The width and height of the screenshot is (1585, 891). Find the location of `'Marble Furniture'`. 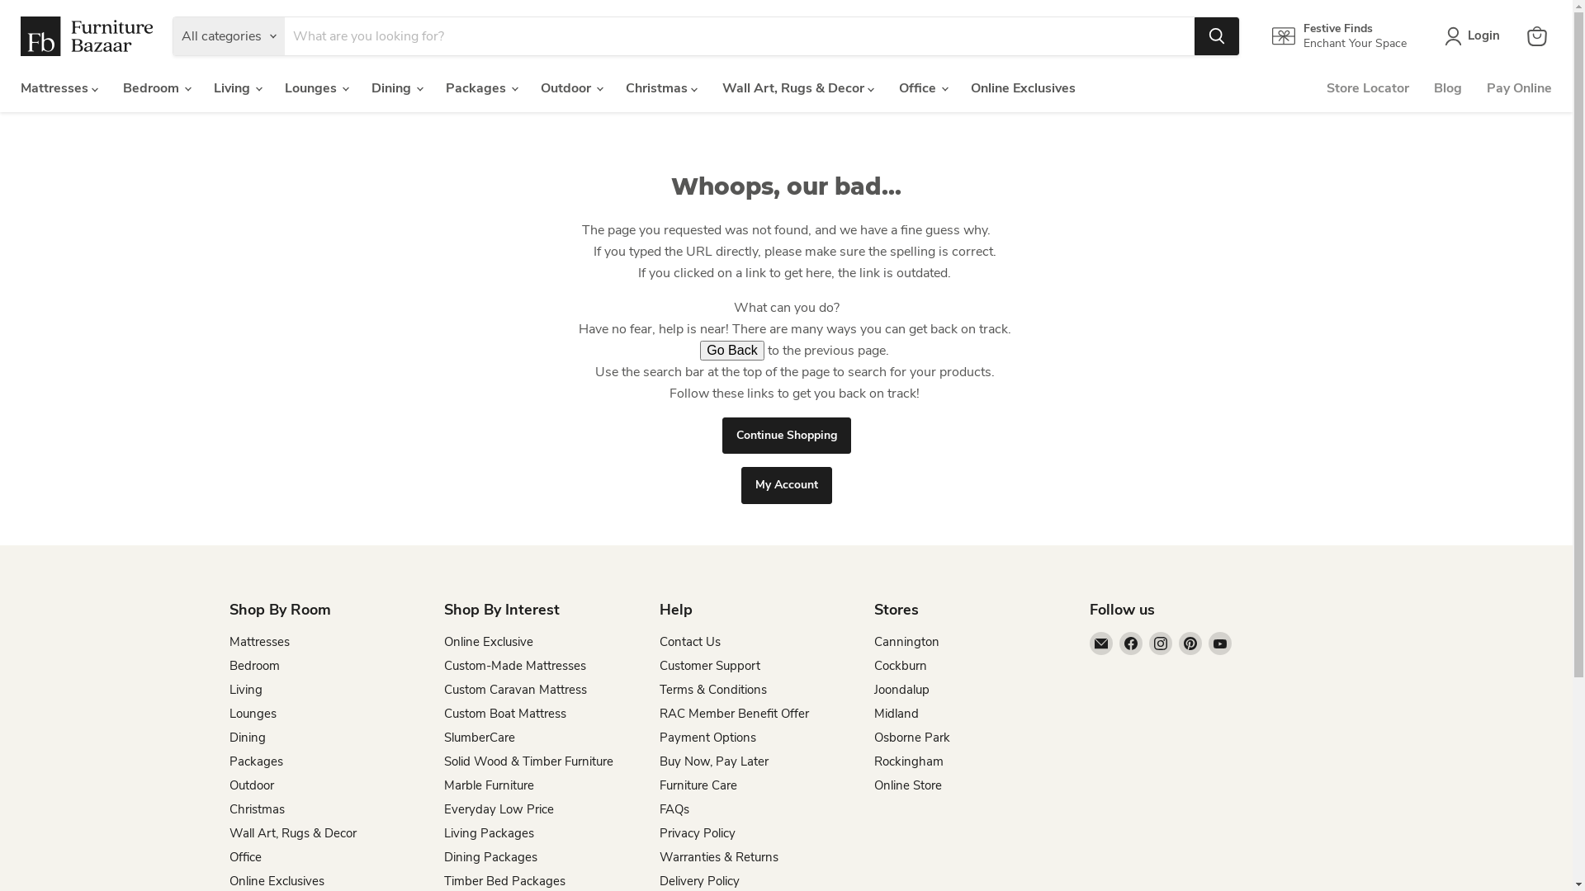

'Marble Furniture' is located at coordinates (488, 785).